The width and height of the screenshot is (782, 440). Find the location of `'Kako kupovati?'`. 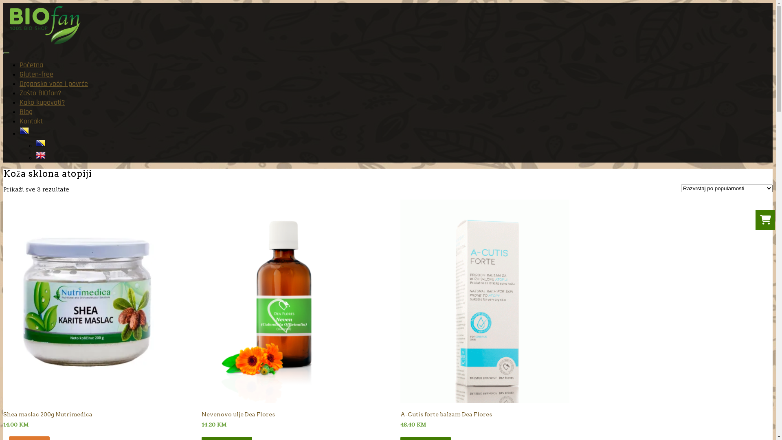

'Kako kupovati?' is located at coordinates (42, 102).